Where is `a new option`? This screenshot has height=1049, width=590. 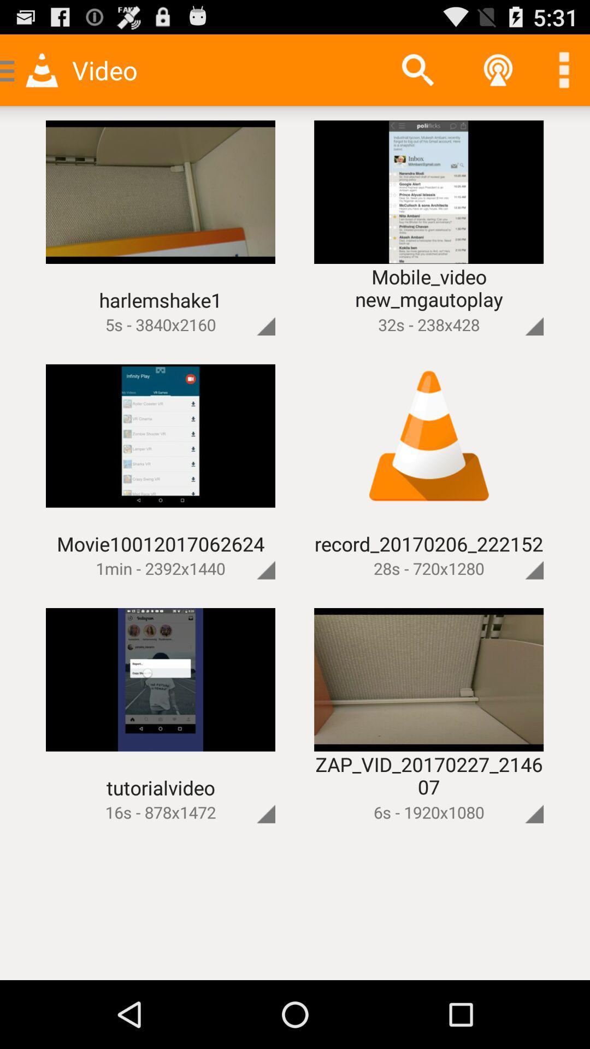 a new option is located at coordinates (564, 69).